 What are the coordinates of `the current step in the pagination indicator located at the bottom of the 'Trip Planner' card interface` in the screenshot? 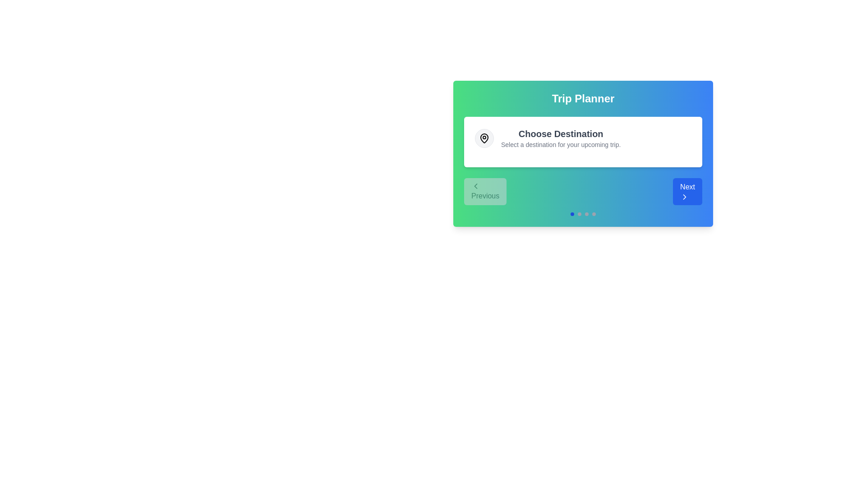 It's located at (583, 214).